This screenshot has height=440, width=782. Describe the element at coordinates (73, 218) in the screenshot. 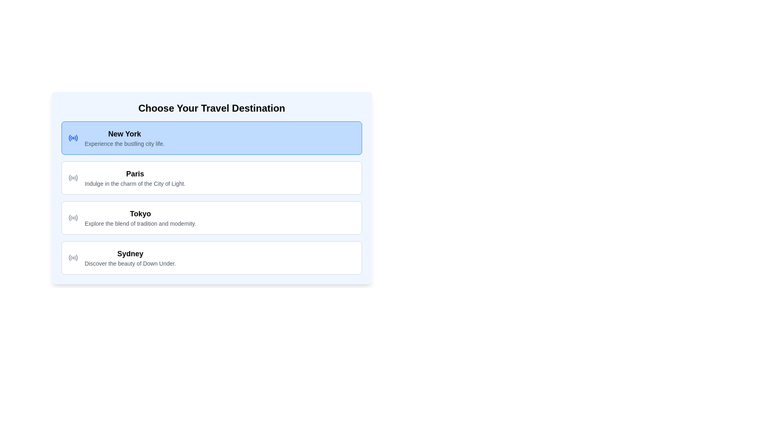

I see `the center of the radio button indicator for the 'Tokyo' option, which is a circular icon located in the top-left portion of the 'Tokyo' content block, just before the title 'Tokyo'` at that location.